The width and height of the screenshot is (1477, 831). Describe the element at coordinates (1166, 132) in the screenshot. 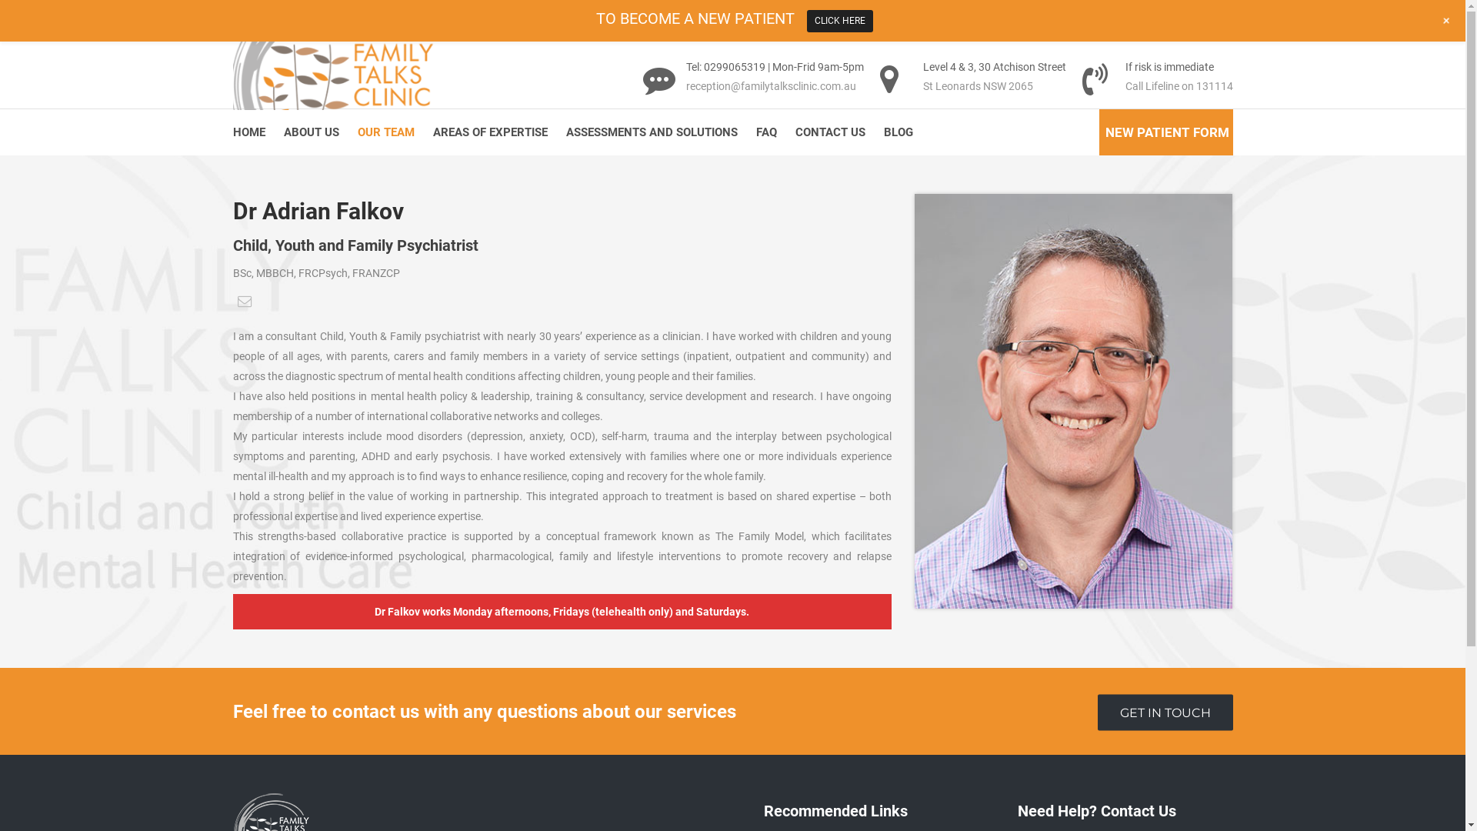

I see `'NEW PATIENT FORM'` at that location.